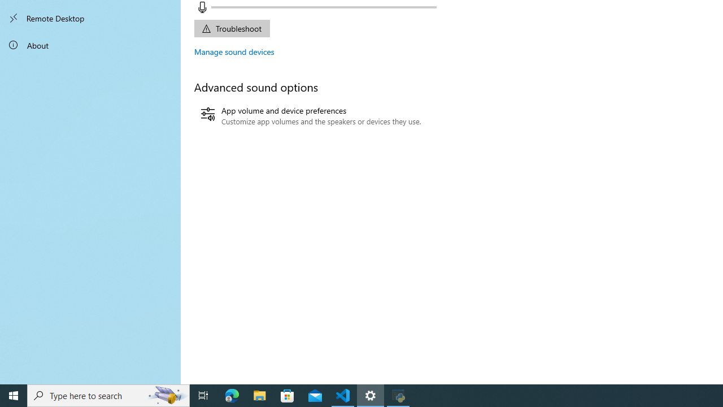  I want to click on 'About', so click(90, 44).